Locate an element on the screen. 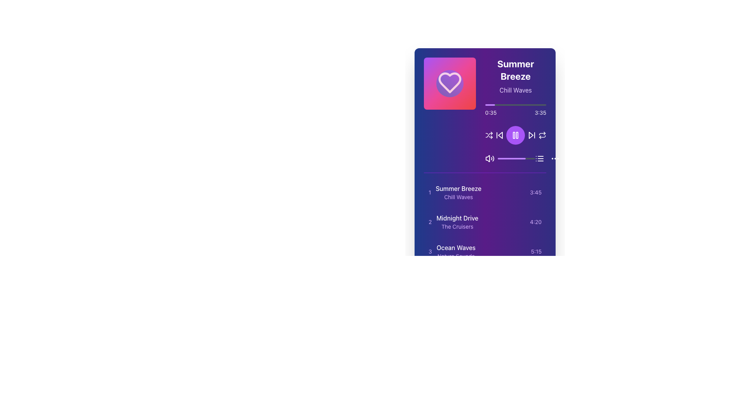 This screenshot has height=420, width=746. the pause icon, which is styled with a purple fill and located at the center of the circular button in the playback controls area is located at coordinates (516, 135).